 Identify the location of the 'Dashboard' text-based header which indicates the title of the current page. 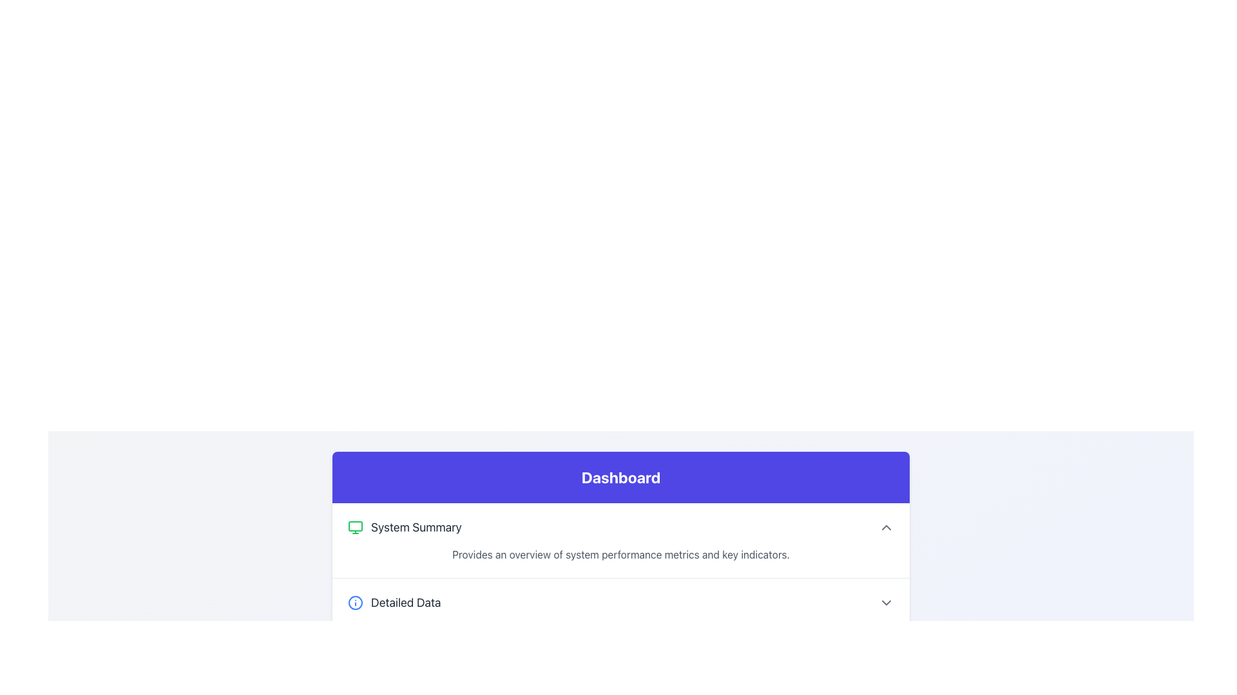
(621, 477).